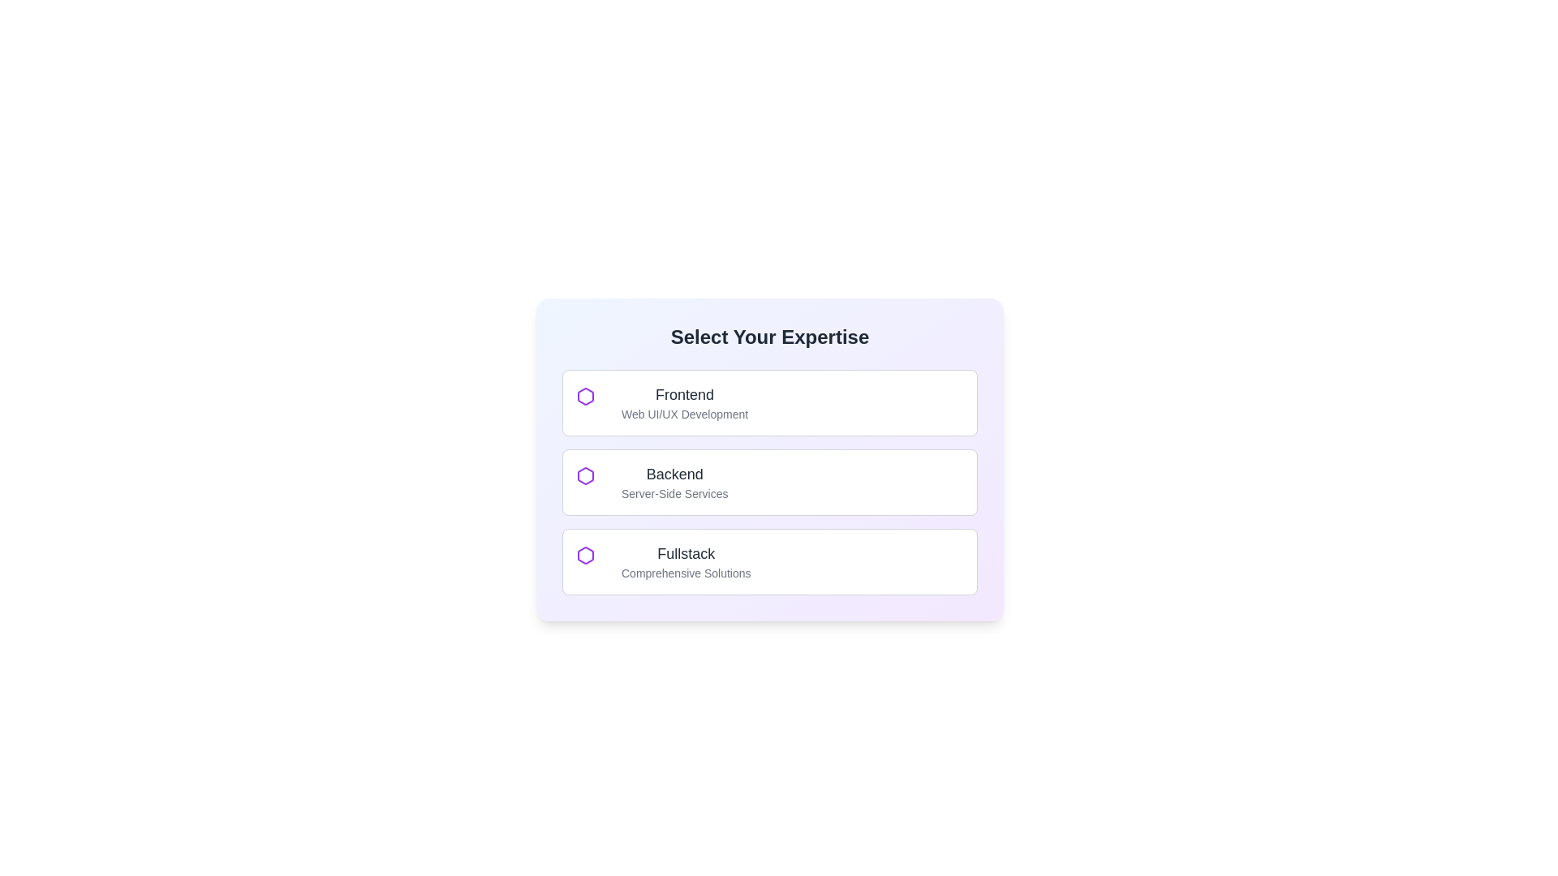 The image size is (1558, 876). I want to click on the purple hexagon icon at the left end of the 'Fullstack' option in the 'Select Your Expertise' section, so click(591, 561).